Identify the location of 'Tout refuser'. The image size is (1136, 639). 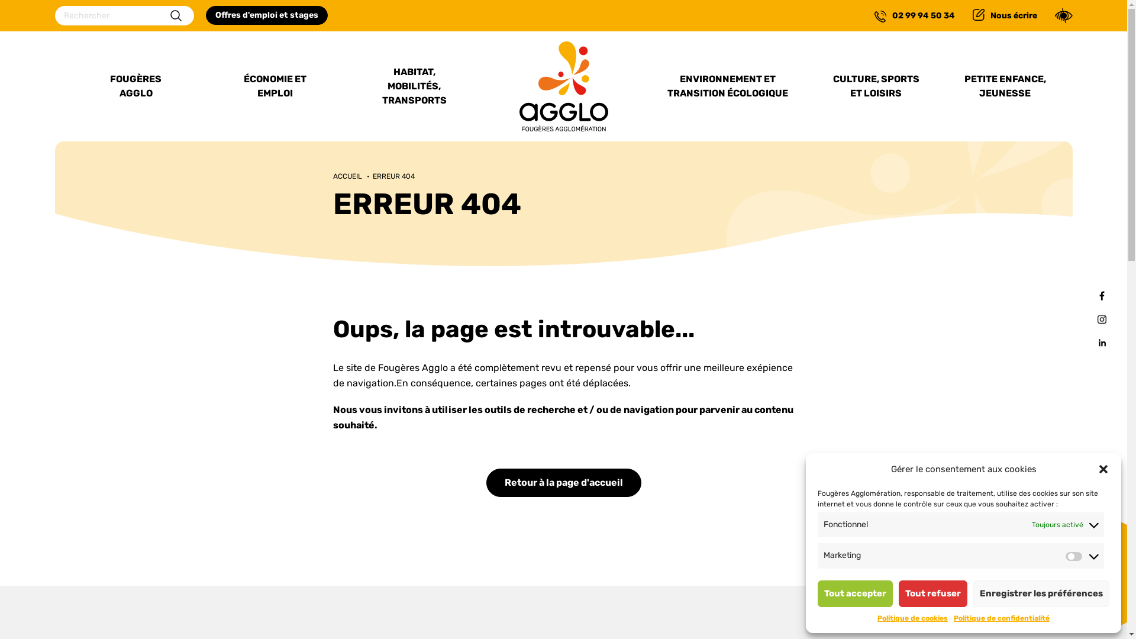
(932, 593).